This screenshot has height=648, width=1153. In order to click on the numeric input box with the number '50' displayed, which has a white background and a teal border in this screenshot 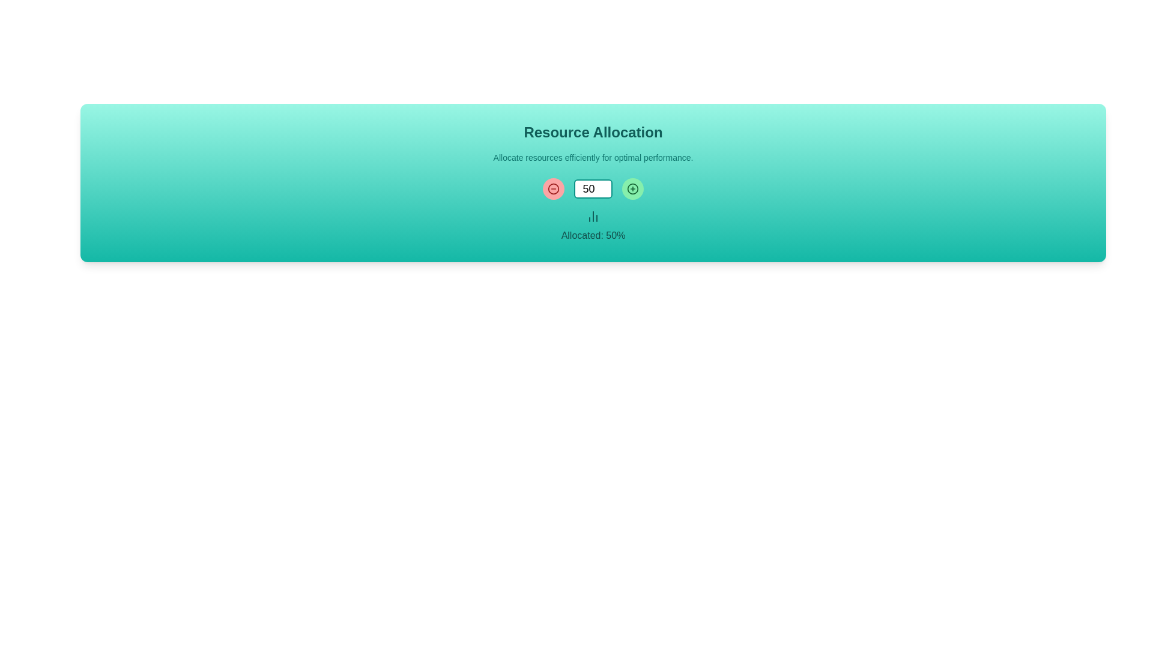, I will do `click(593, 189)`.